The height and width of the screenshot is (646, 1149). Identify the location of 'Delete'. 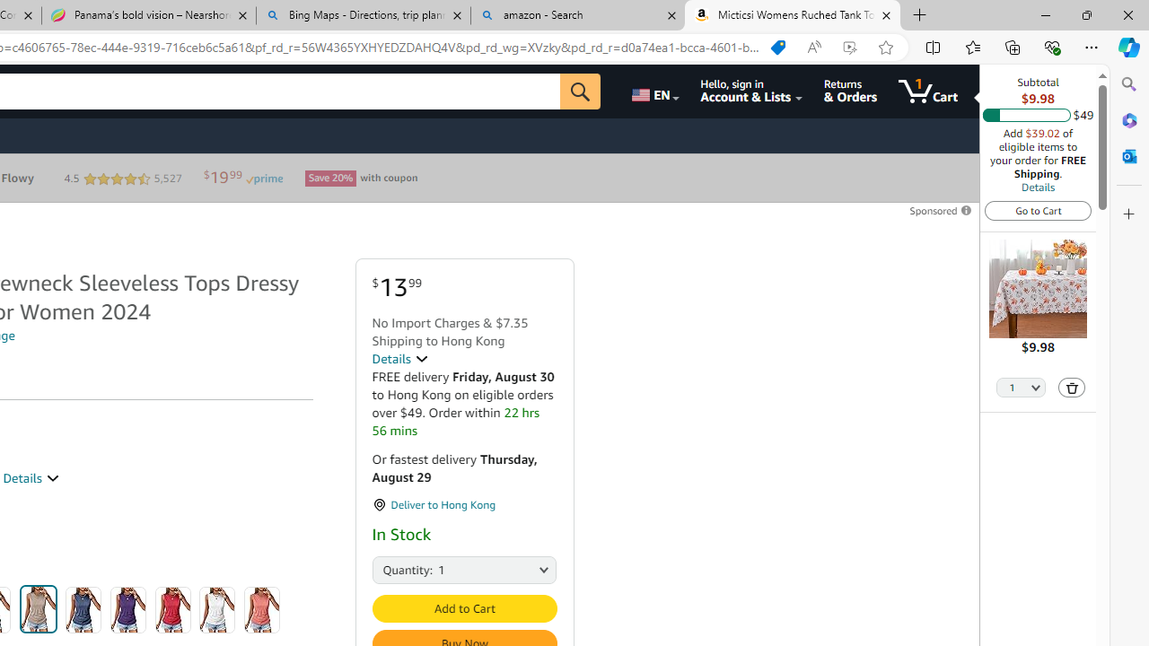
(1072, 386).